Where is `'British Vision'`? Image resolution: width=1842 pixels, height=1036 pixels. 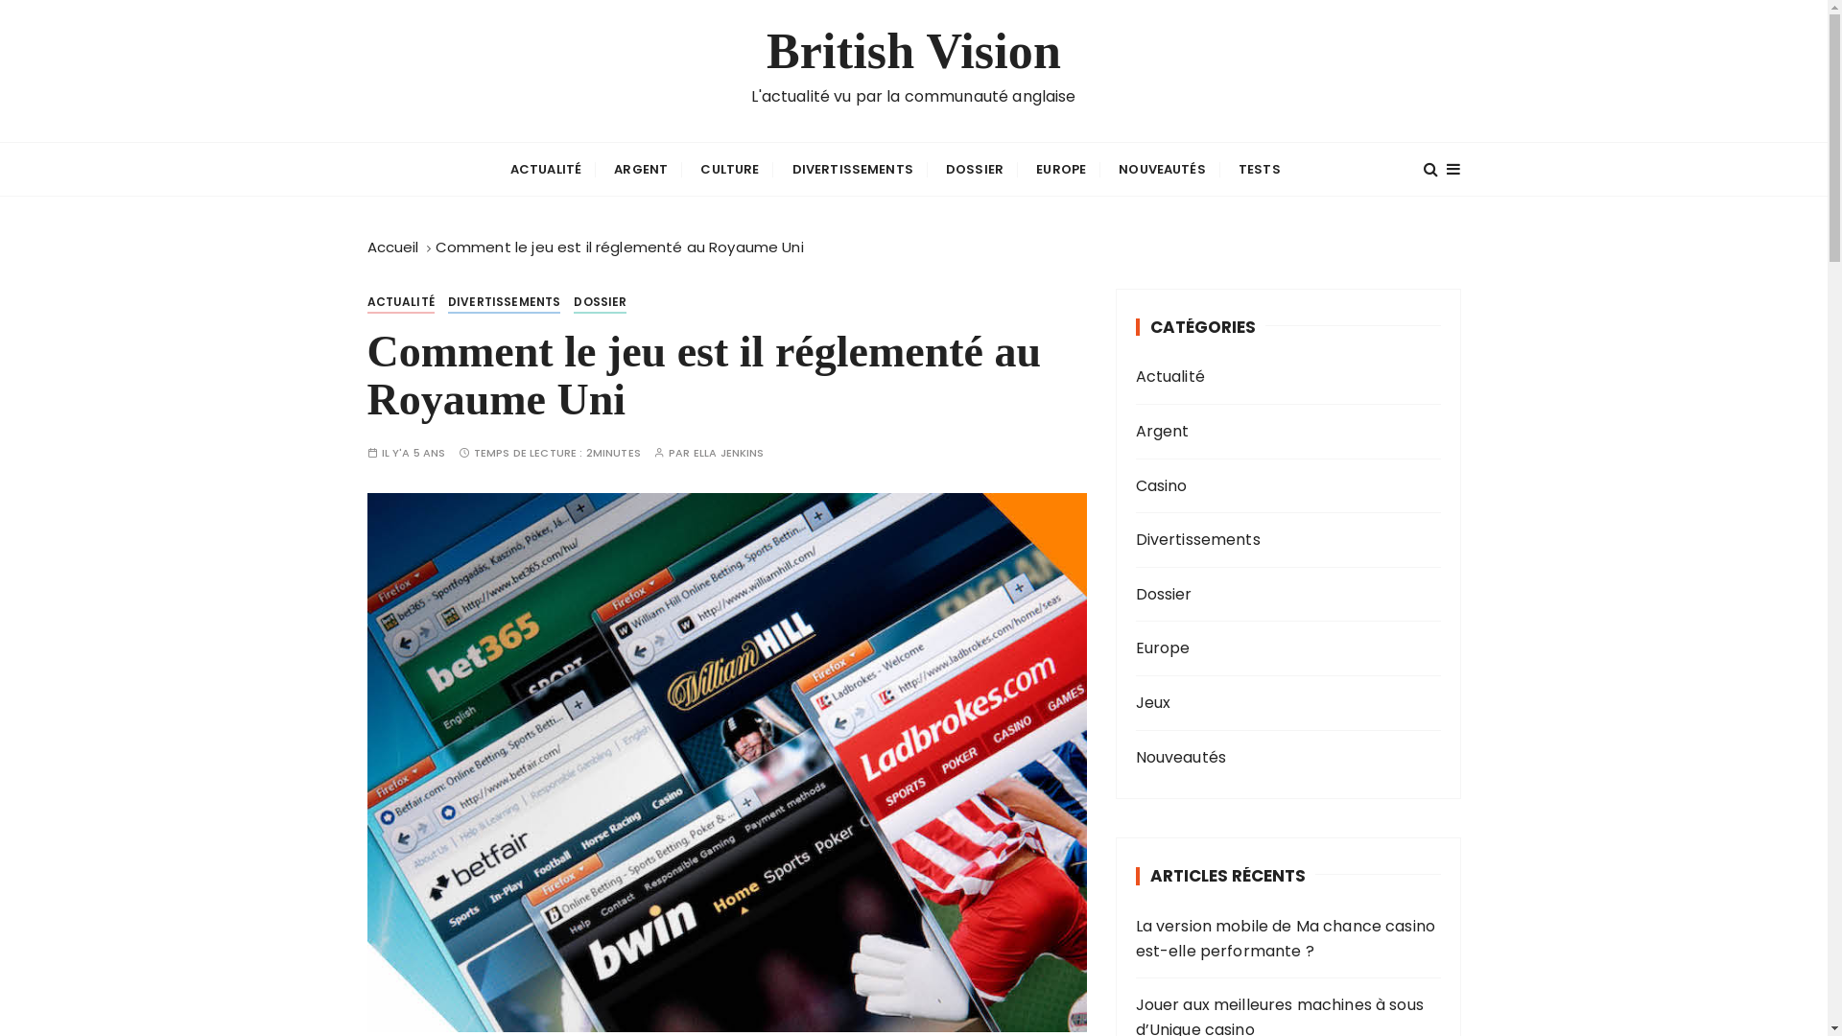 'British Vision' is located at coordinates (912, 51).